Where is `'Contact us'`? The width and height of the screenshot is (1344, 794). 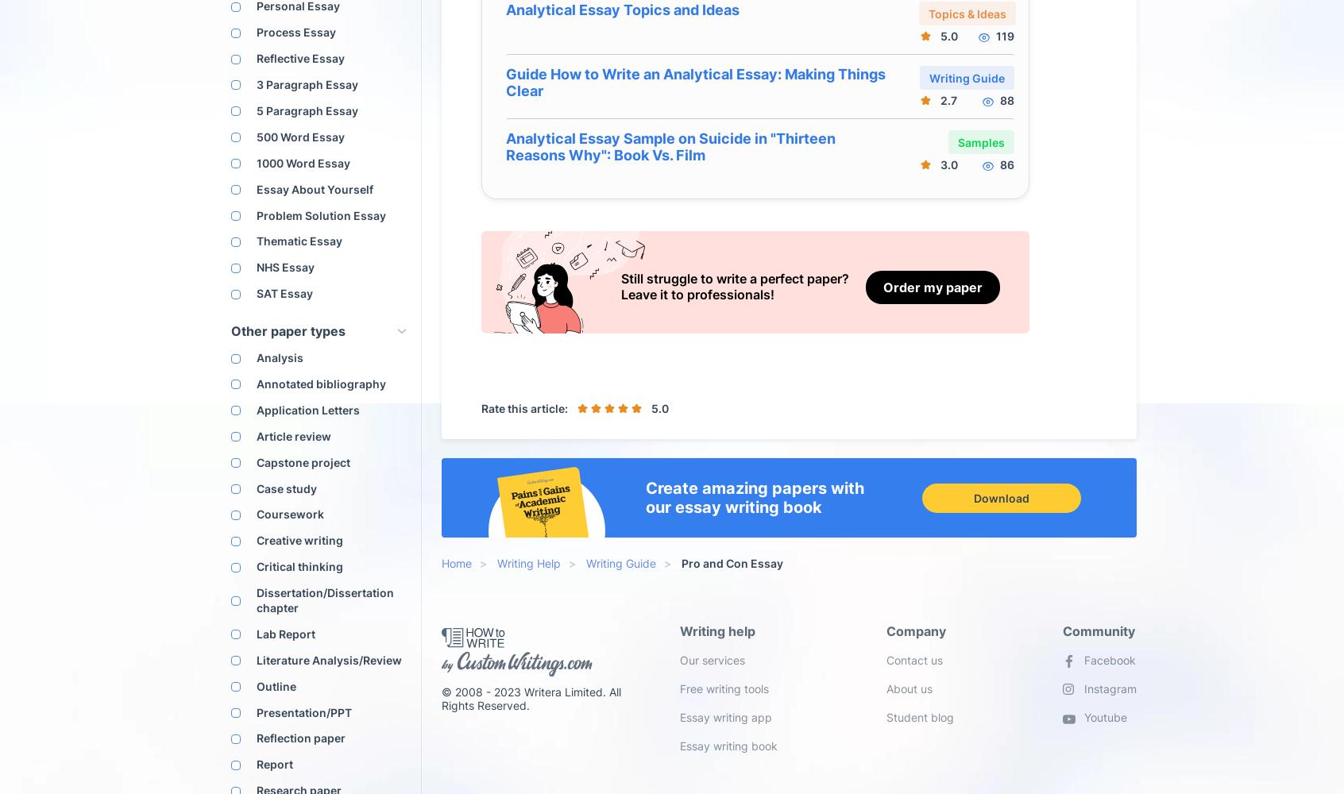 'Contact us' is located at coordinates (913, 659).